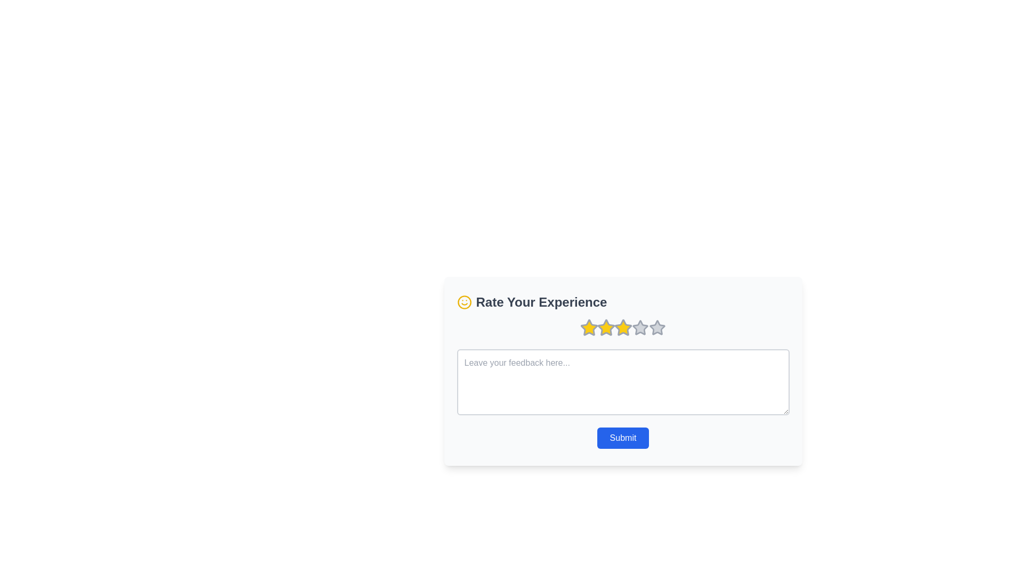 This screenshot has height=575, width=1023. What do you see at coordinates (588, 327) in the screenshot?
I see `the first star icon in the rating system` at bounding box center [588, 327].